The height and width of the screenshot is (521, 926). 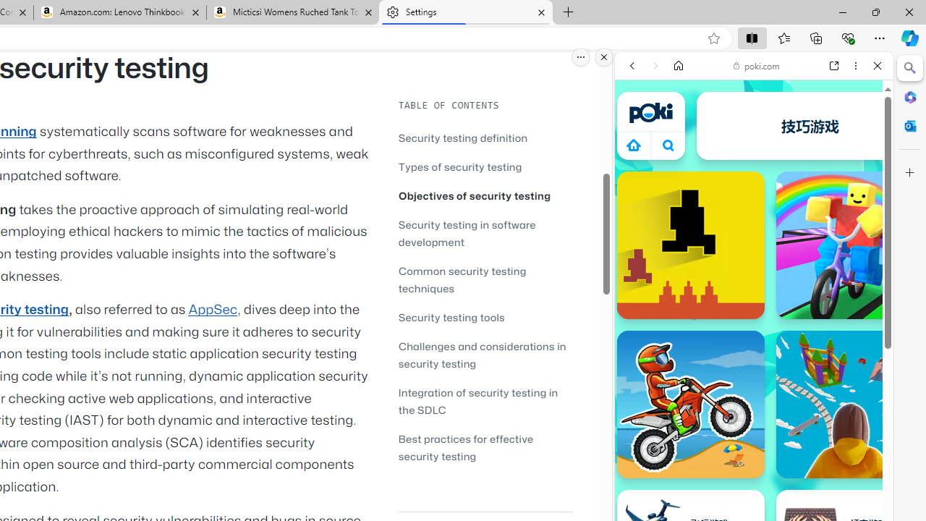 I want to click on 'Rainbow Obby', so click(x=850, y=244).